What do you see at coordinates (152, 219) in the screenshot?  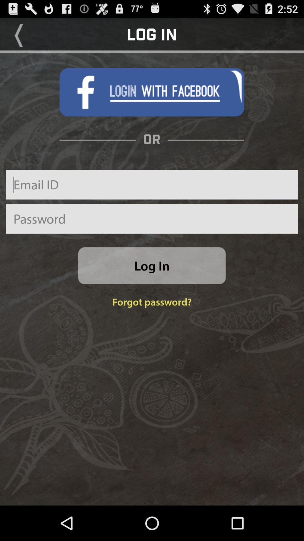 I see `enter password` at bounding box center [152, 219].